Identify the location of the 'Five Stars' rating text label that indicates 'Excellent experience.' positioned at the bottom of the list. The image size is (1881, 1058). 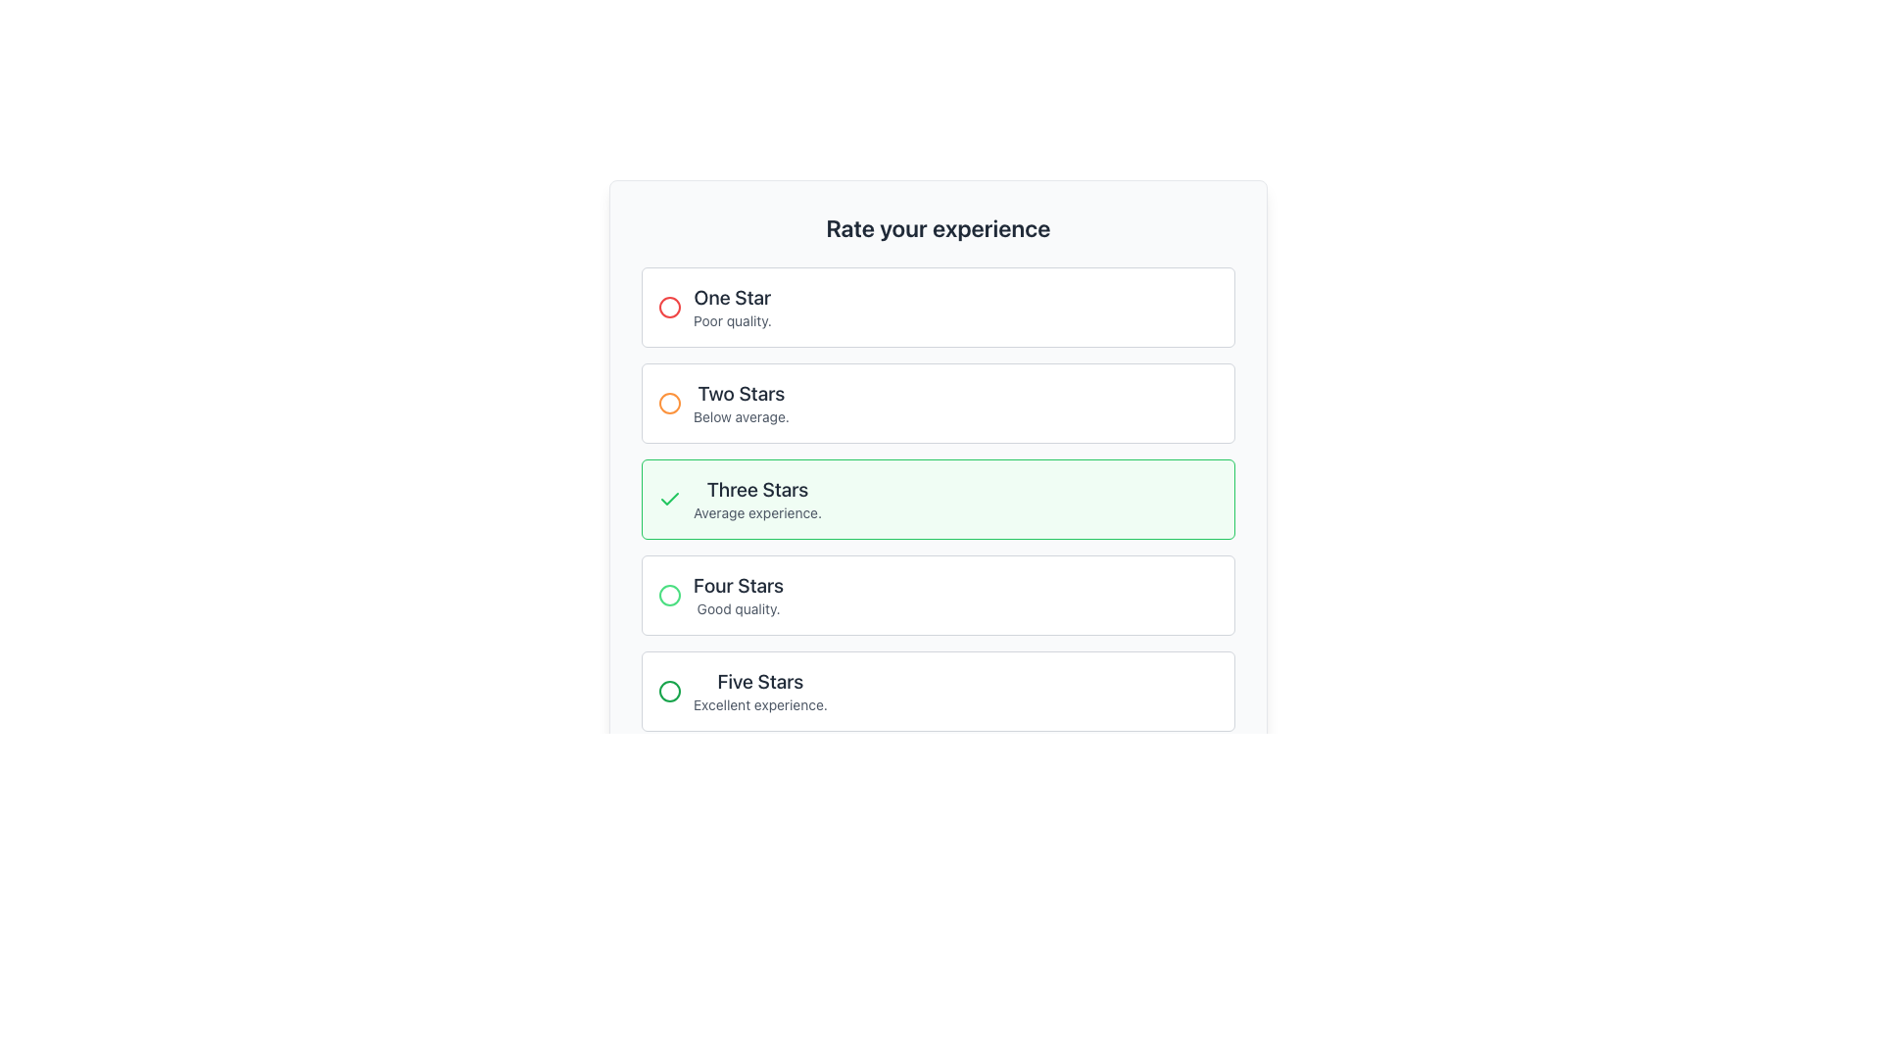
(759, 690).